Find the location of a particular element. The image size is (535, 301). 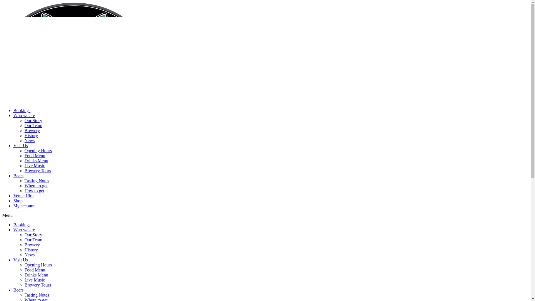

'Visit Us' is located at coordinates (20, 260).